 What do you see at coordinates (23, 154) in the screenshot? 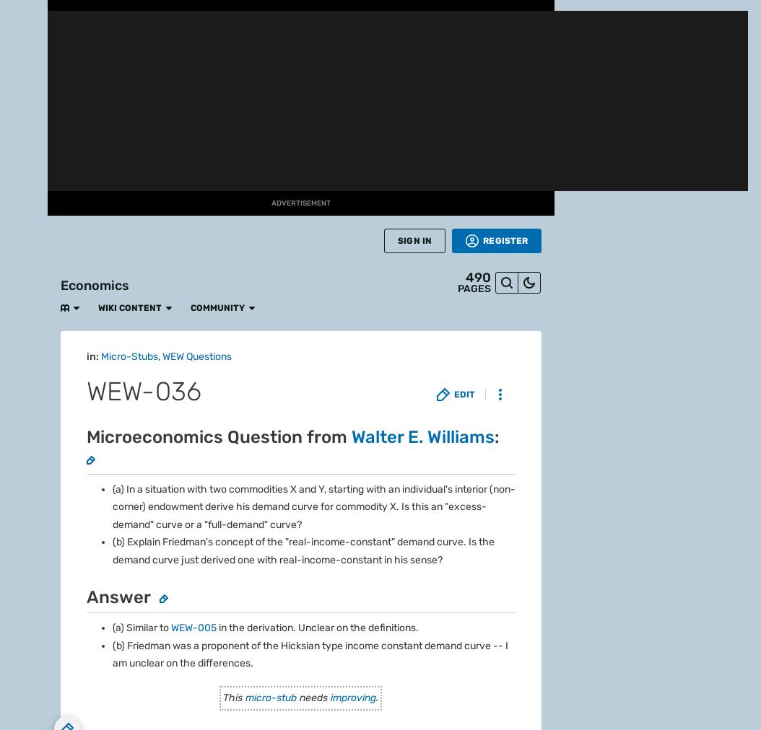
I see `'BETA'` at bounding box center [23, 154].